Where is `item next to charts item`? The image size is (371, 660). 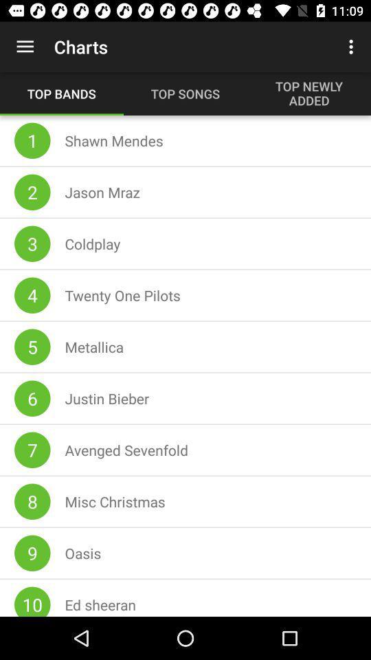 item next to charts item is located at coordinates (352, 47).